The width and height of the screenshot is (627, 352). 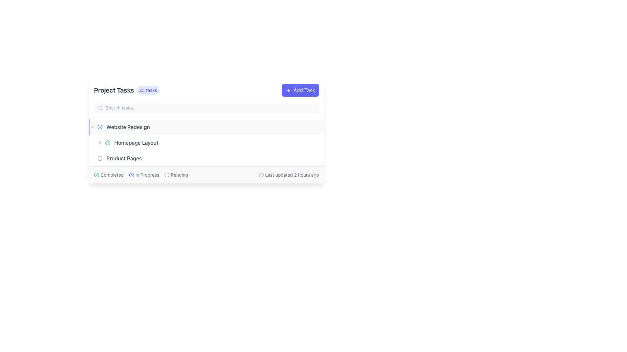 I want to click on the warning alert icon located in the 'Project Tasks' section, which is followed by the text 'Last updated 2 hours ago', so click(x=261, y=174).